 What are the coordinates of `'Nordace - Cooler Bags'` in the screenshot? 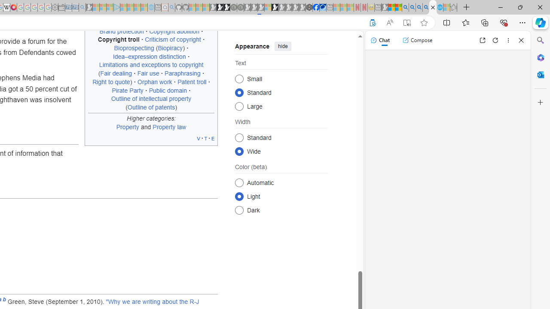 It's located at (309, 7).